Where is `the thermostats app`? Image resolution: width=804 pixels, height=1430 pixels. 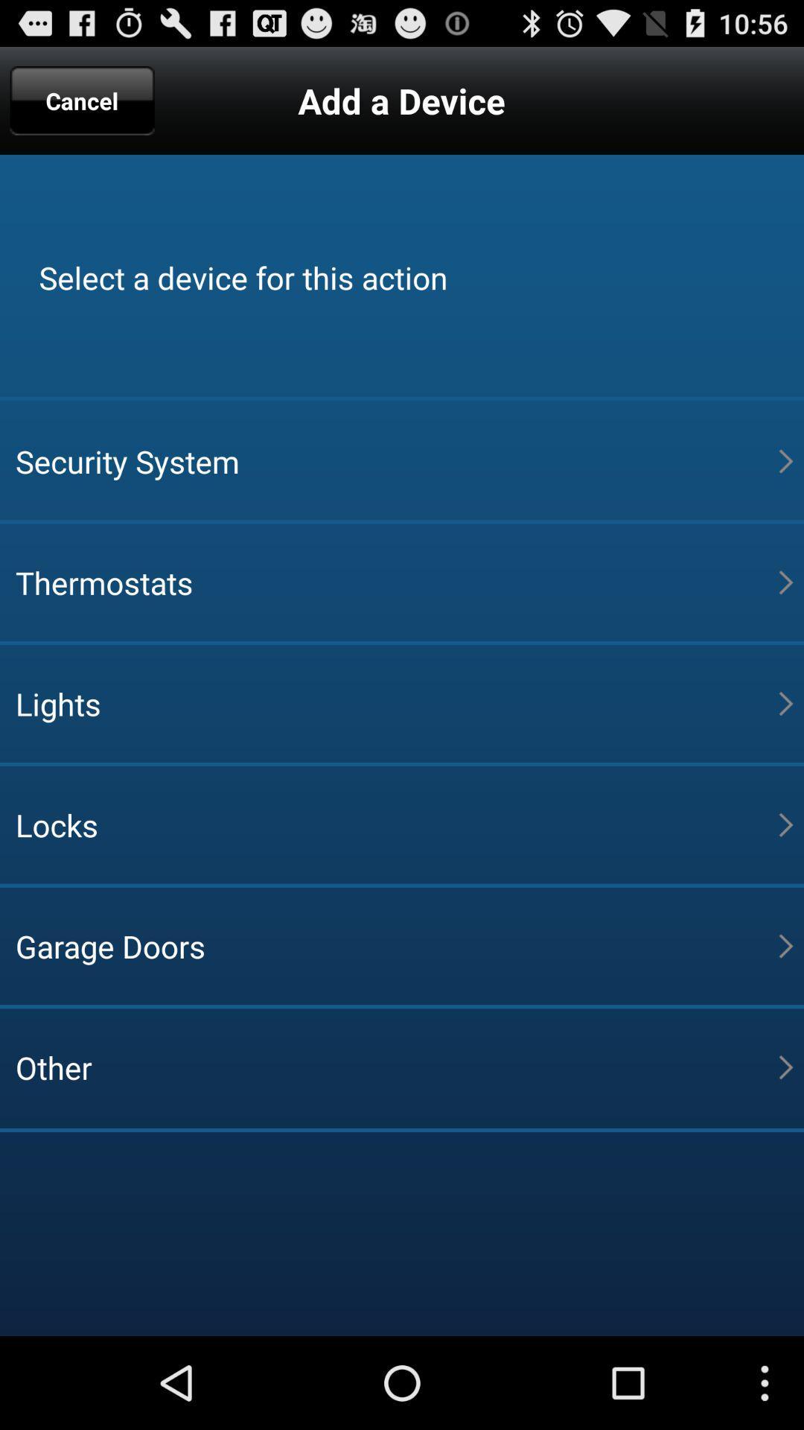
the thermostats app is located at coordinates (396, 582).